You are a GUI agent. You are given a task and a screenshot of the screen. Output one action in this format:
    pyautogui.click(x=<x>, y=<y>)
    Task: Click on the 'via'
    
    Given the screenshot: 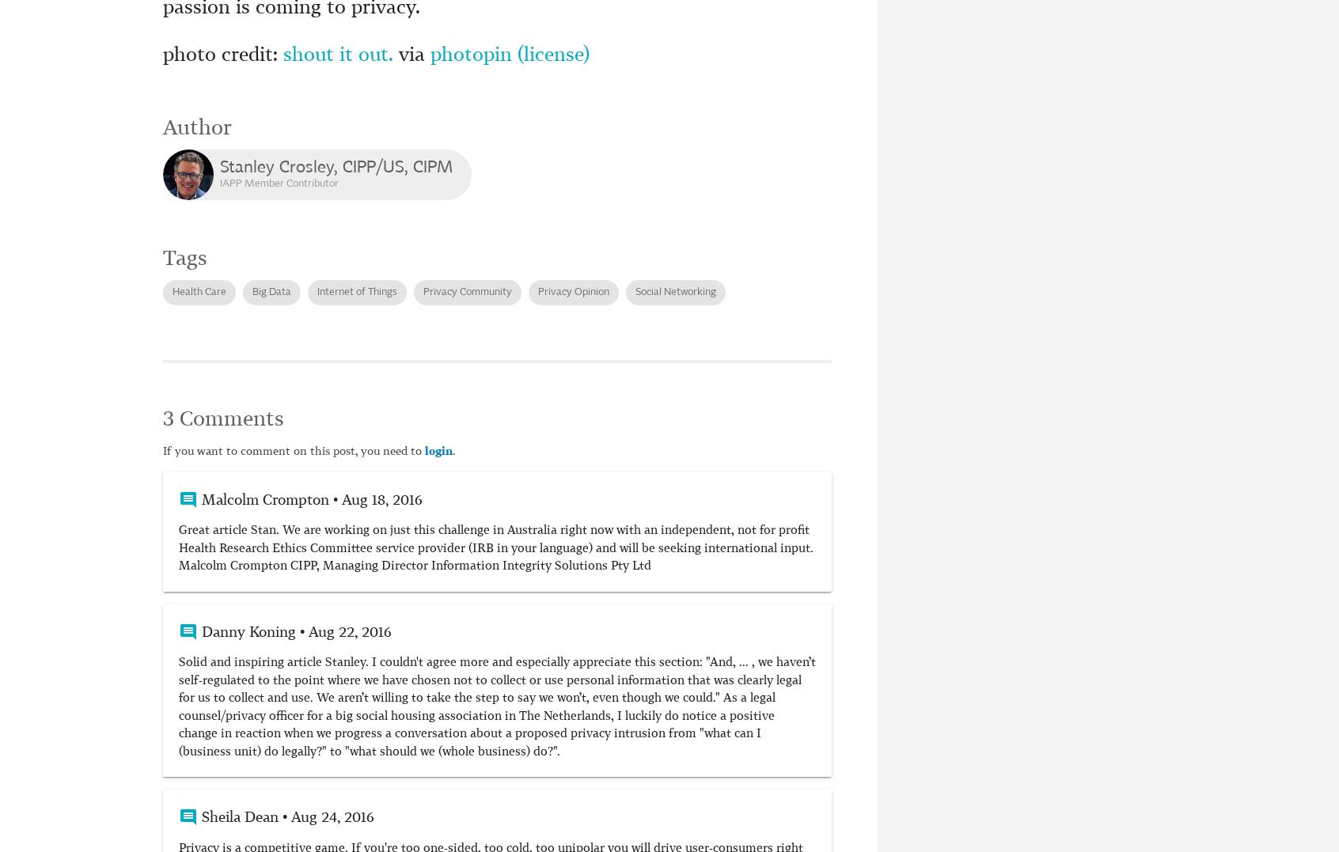 What is the action you would take?
    pyautogui.click(x=412, y=55)
    